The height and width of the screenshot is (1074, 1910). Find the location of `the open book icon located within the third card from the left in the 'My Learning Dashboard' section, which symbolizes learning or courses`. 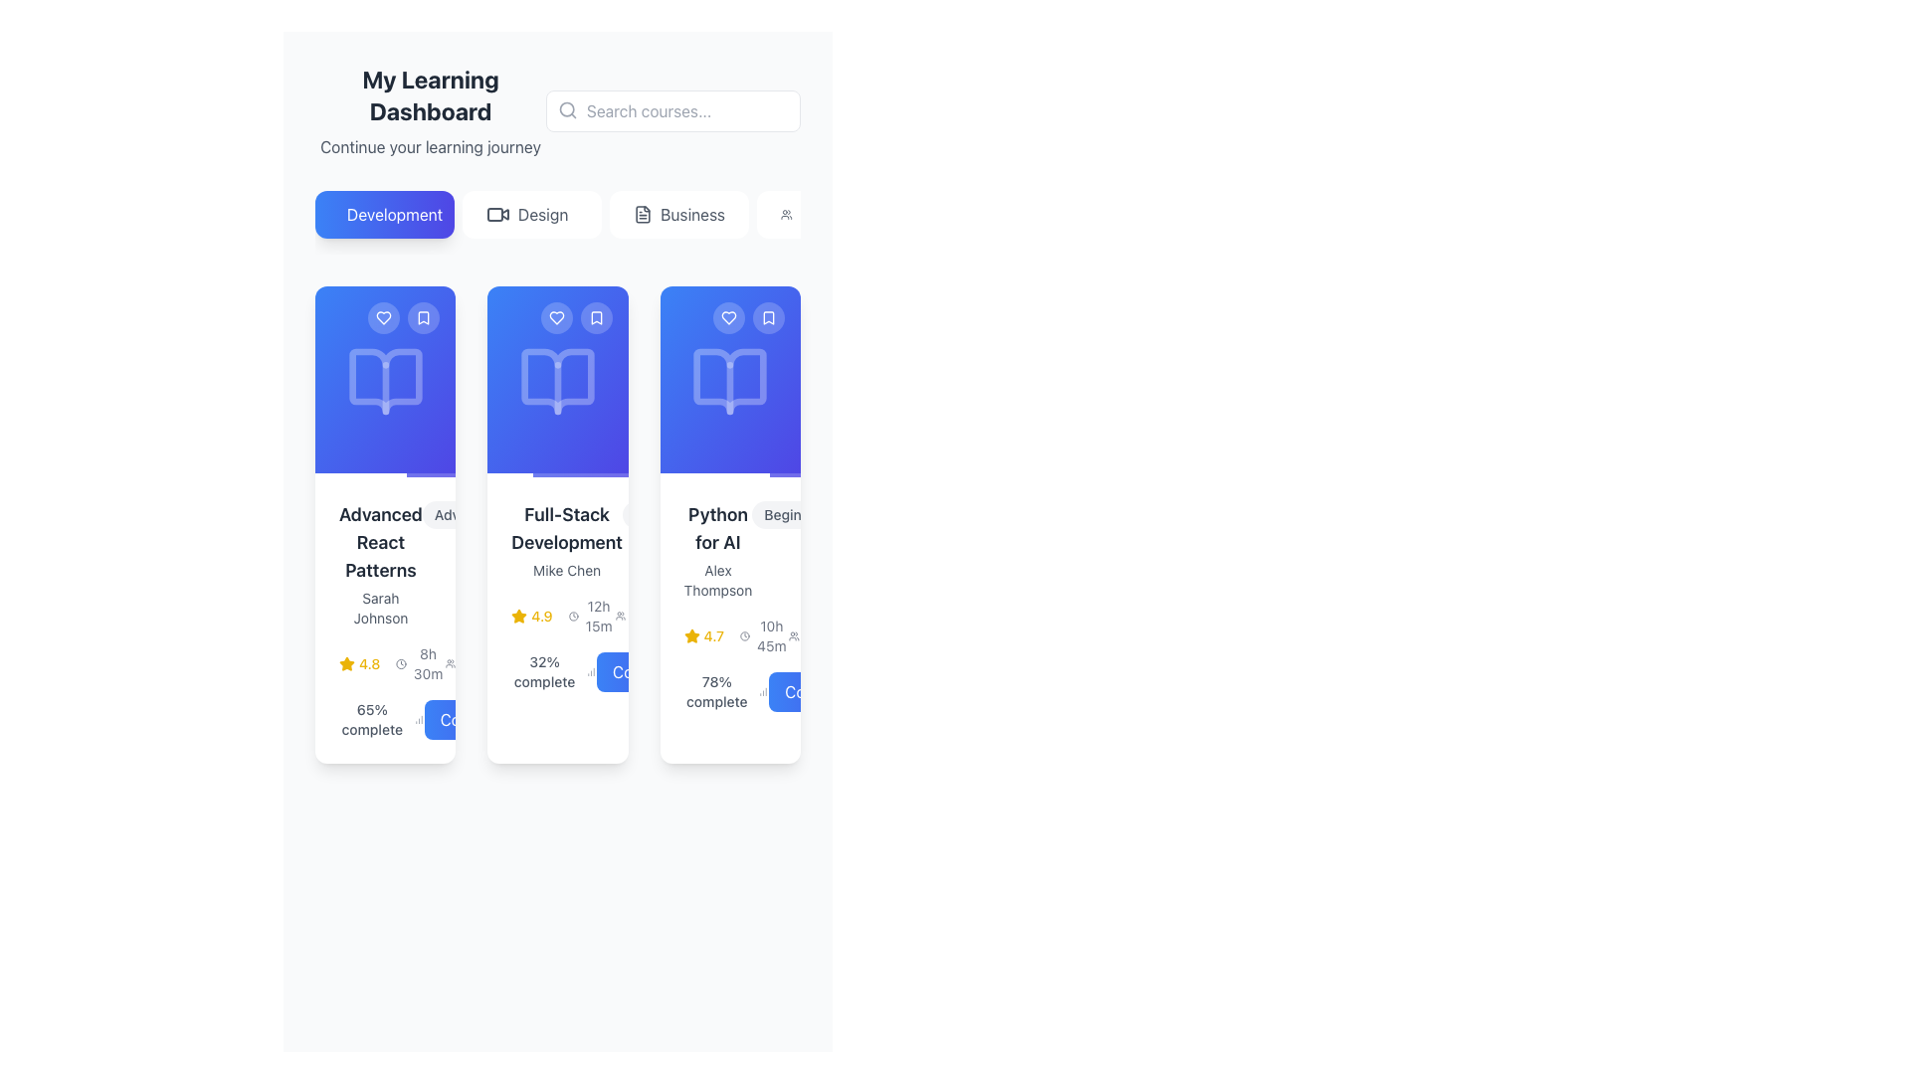

the open book icon located within the third card from the left in the 'My Learning Dashboard' section, which symbolizes learning or courses is located at coordinates (729, 382).